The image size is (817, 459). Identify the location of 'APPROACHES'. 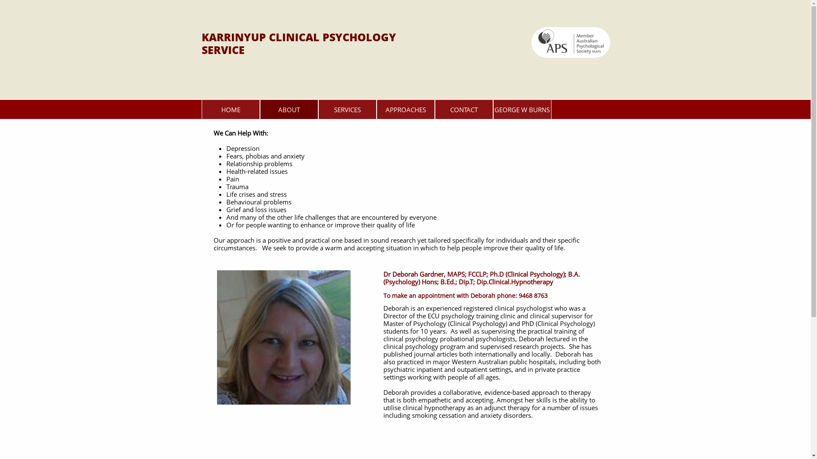
(405, 109).